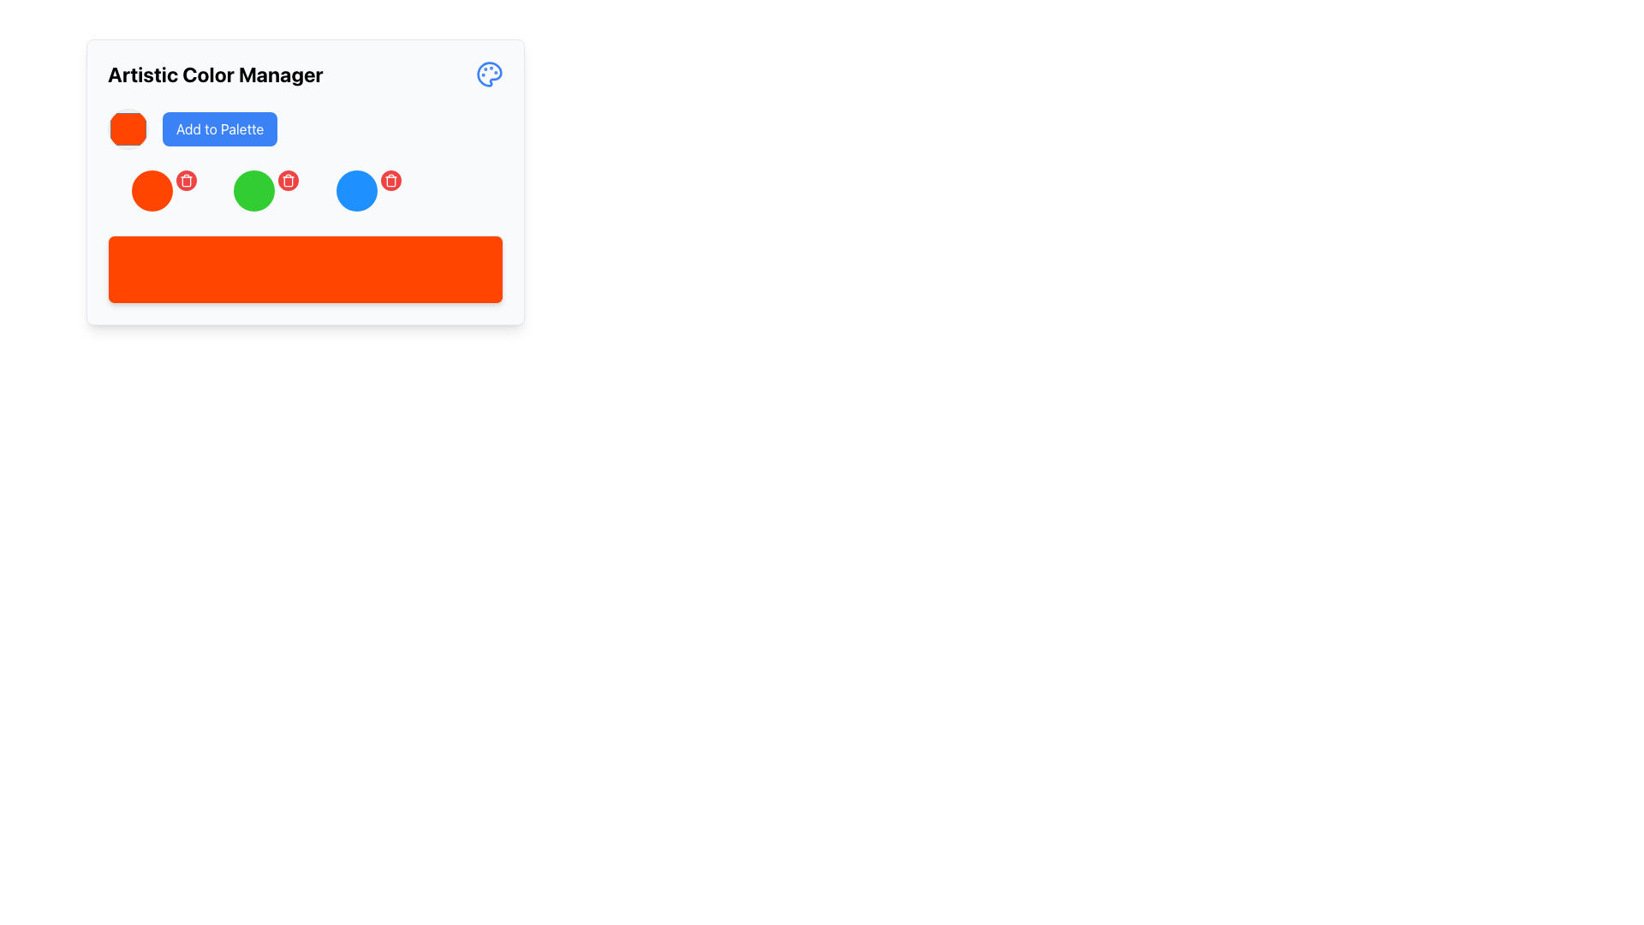 This screenshot has width=1644, height=925. What do you see at coordinates (488, 74) in the screenshot?
I see `the blue palette icon in the top-right corner of the 'Artistic Color Manager' section` at bounding box center [488, 74].